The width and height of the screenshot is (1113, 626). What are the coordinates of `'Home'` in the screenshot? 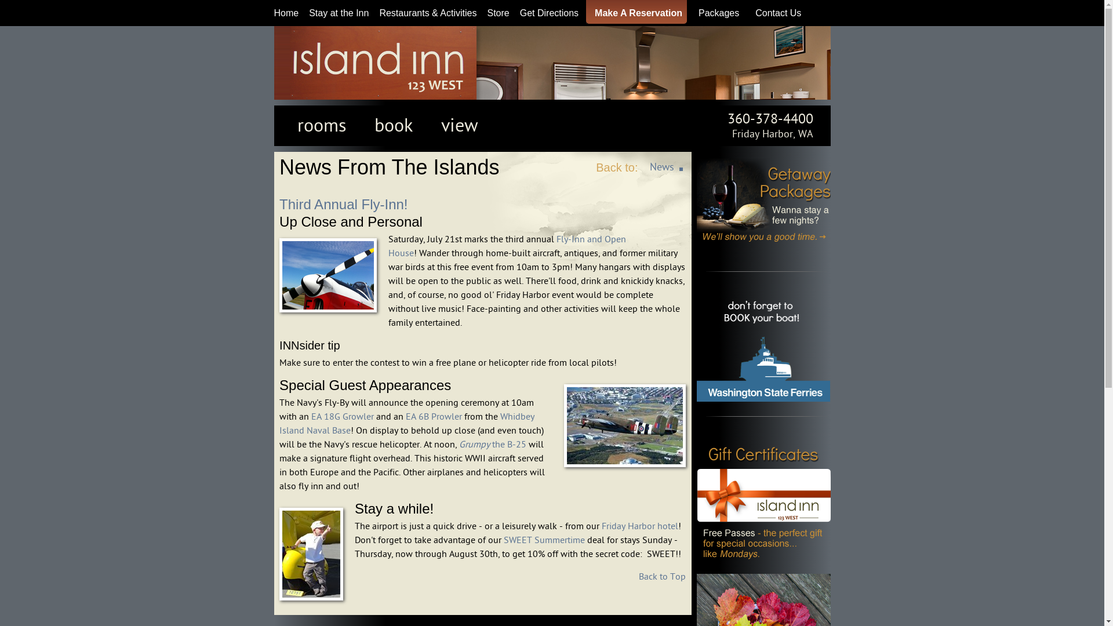 It's located at (286, 13).